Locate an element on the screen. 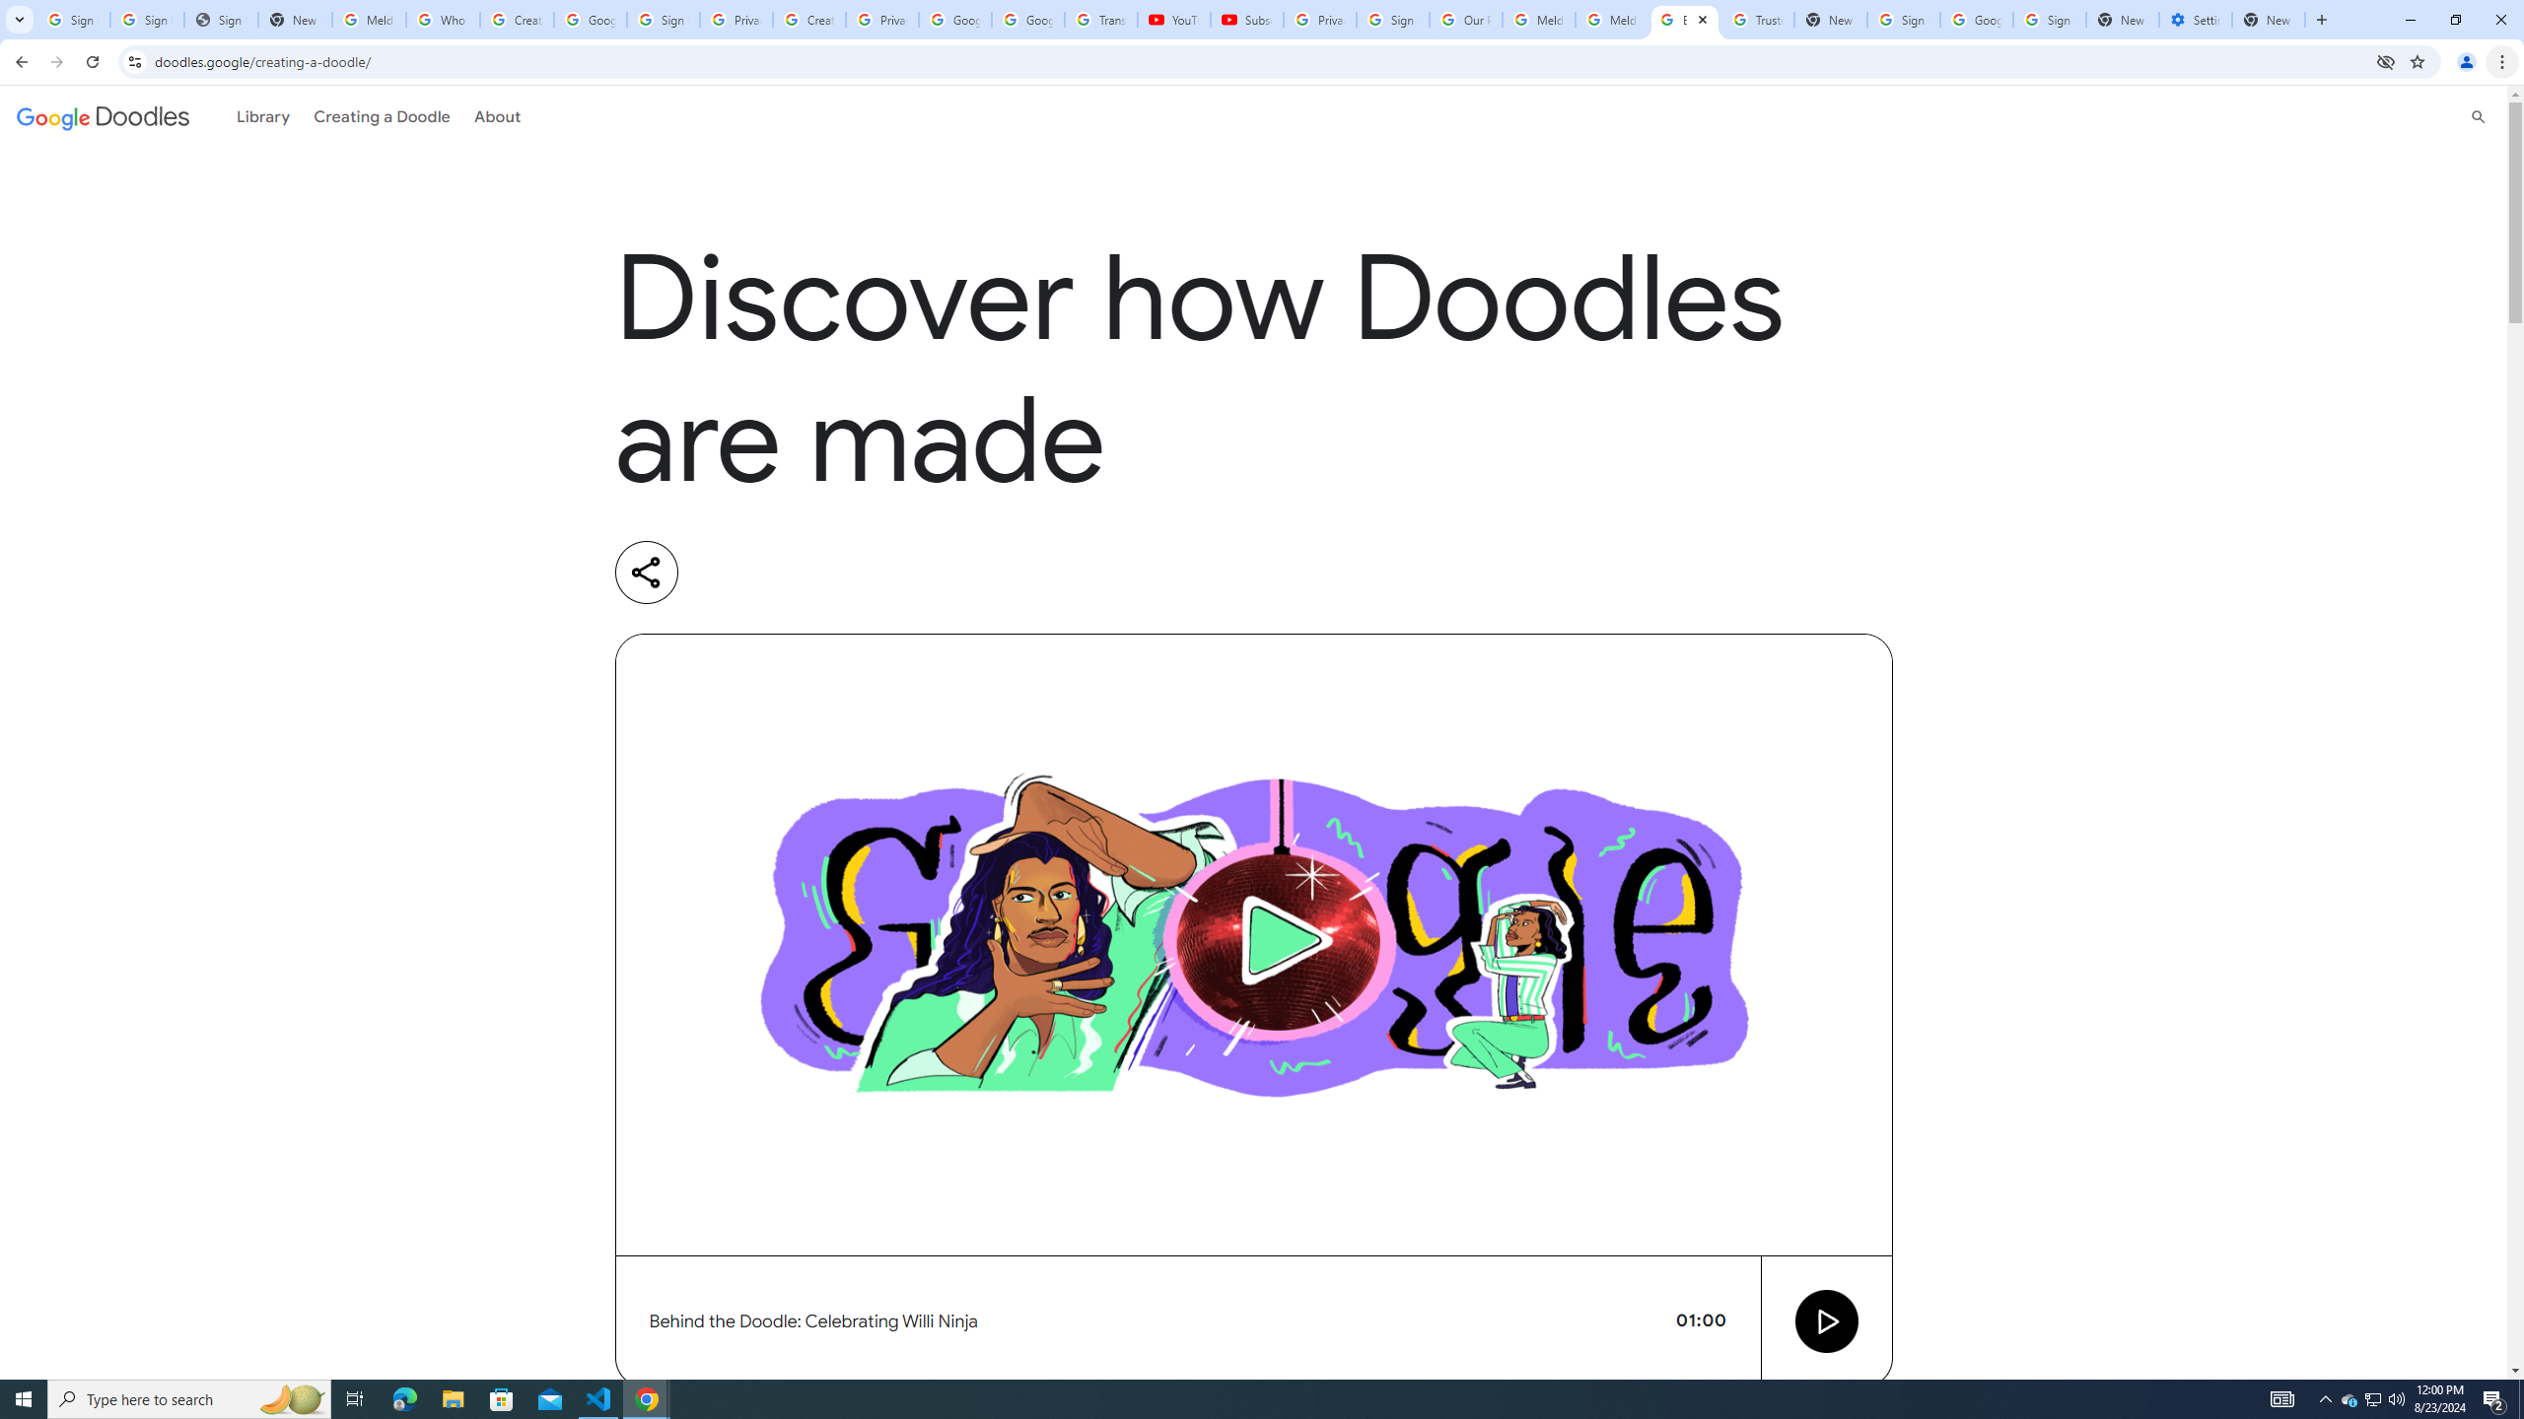 This screenshot has height=1419, width=2524. 'Who is my administrator? - Google Account Help' is located at coordinates (442, 19).